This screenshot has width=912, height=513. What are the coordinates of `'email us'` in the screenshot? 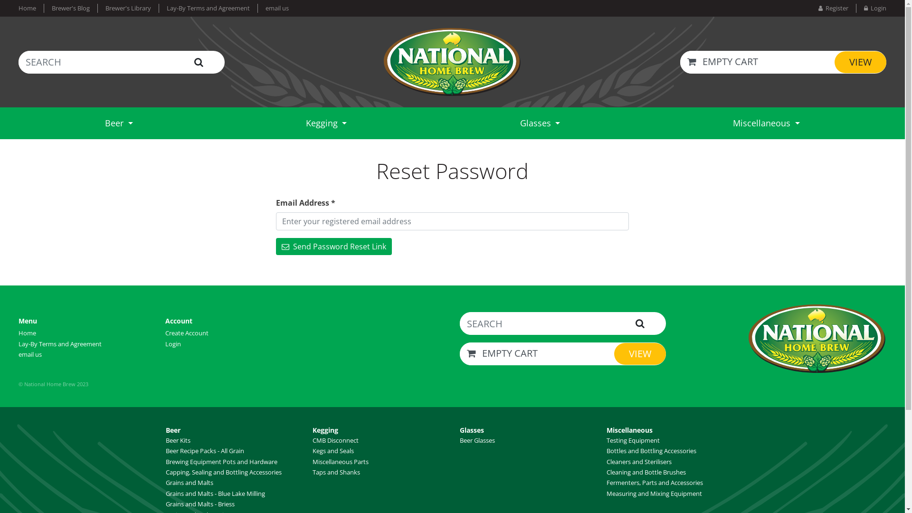 It's located at (18, 354).